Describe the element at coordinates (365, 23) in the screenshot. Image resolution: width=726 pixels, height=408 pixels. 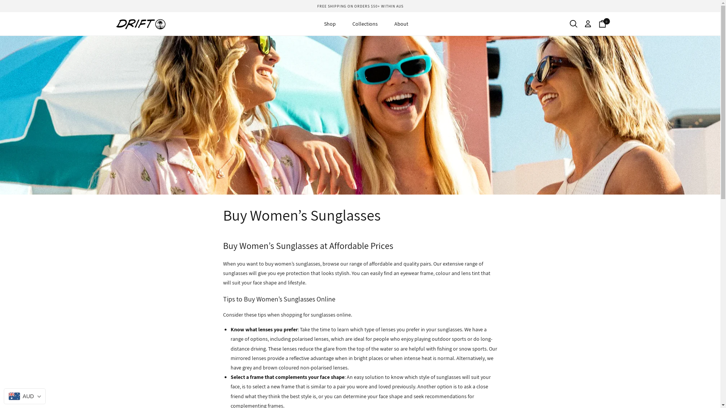
I see `'Collections'` at that location.